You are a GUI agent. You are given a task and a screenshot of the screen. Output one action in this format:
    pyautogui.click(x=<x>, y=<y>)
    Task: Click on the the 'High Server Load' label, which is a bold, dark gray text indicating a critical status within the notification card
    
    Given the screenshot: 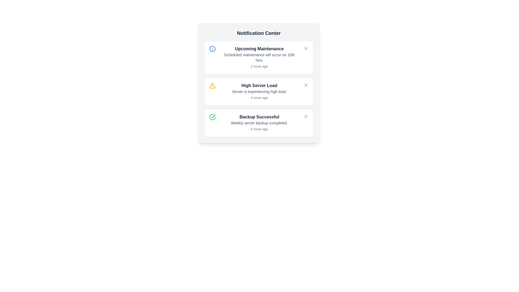 What is the action you would take?
    pyautogui.click(x=259, y=85)
    